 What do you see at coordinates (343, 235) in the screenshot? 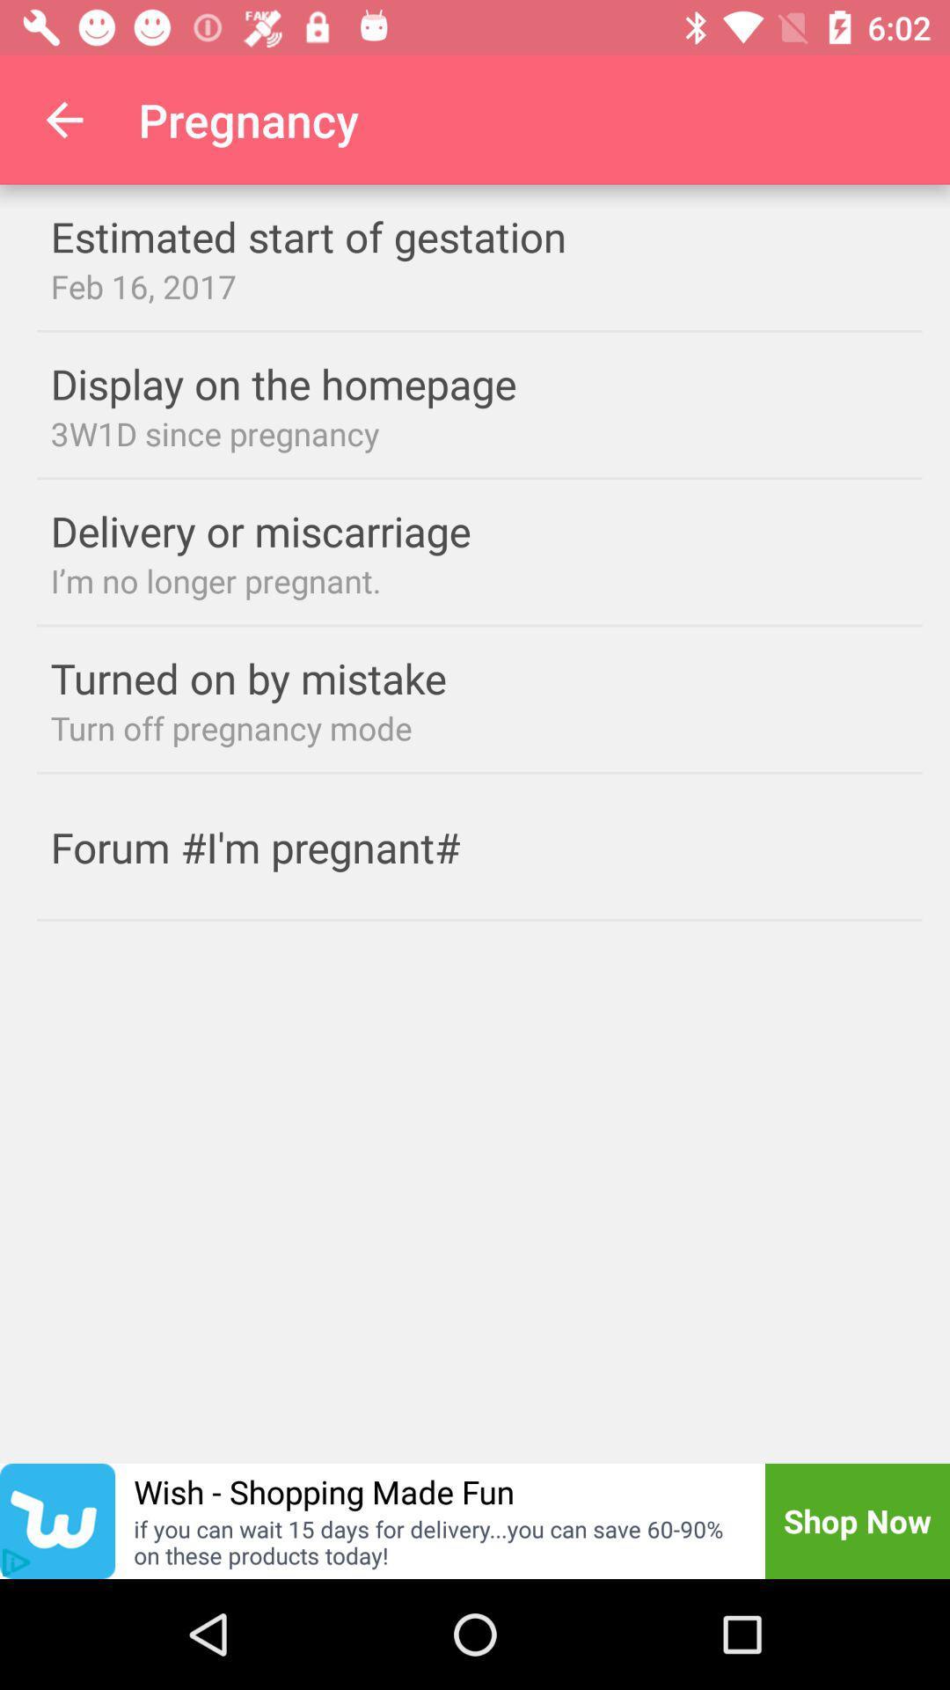
I see `estimated start of` at bounding box center [343, 235].